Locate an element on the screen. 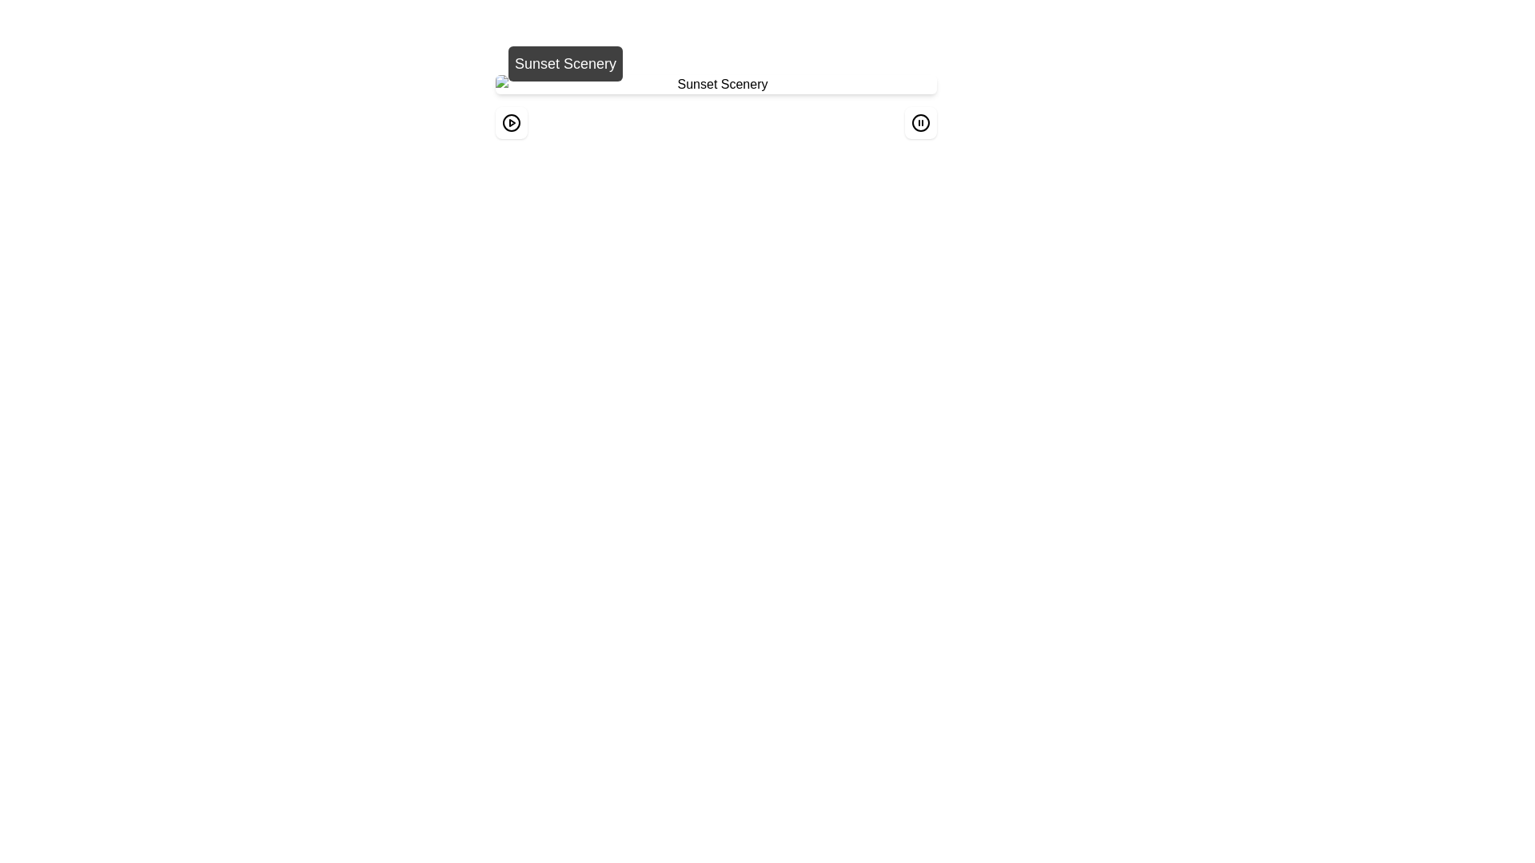 This screenshot has width=1535, height=863. the control bar for managing media playback that contains the play and pause buttons, located under the title text 'Sunset Scenery' is located at coordinates (716, 122).